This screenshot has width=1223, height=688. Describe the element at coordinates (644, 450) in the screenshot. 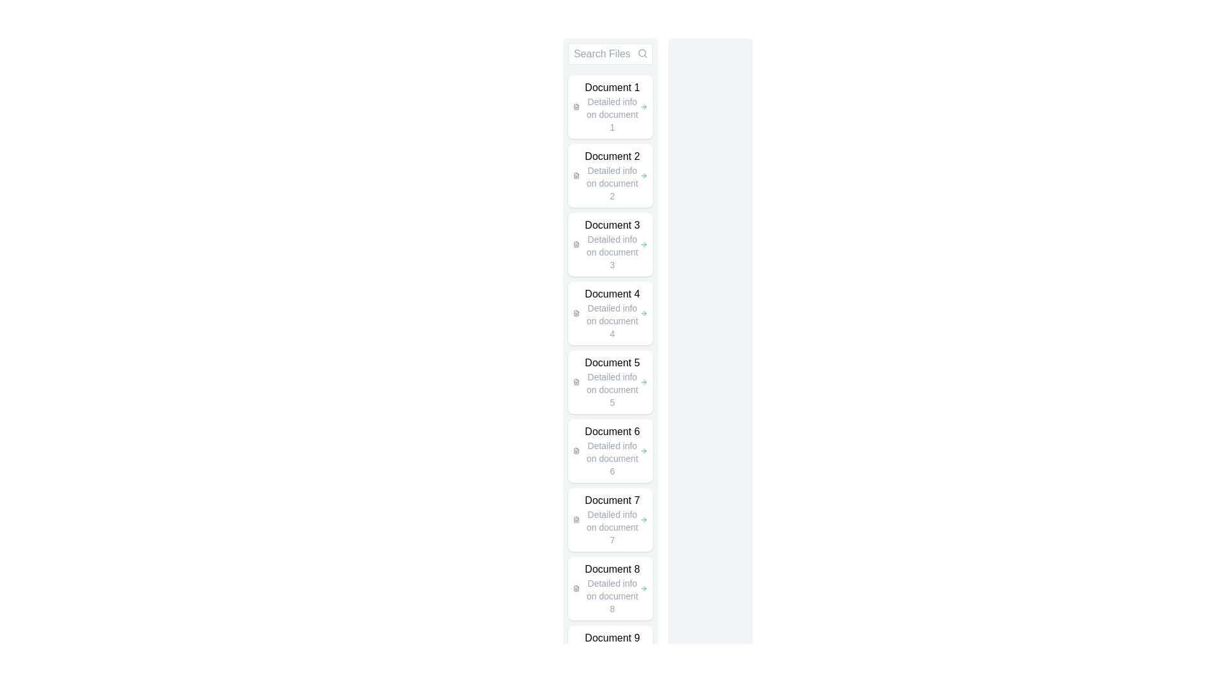

I see `the green arrow icon pointing to the right, located to the right of the text 'Detailed info on document 6'` at that location.